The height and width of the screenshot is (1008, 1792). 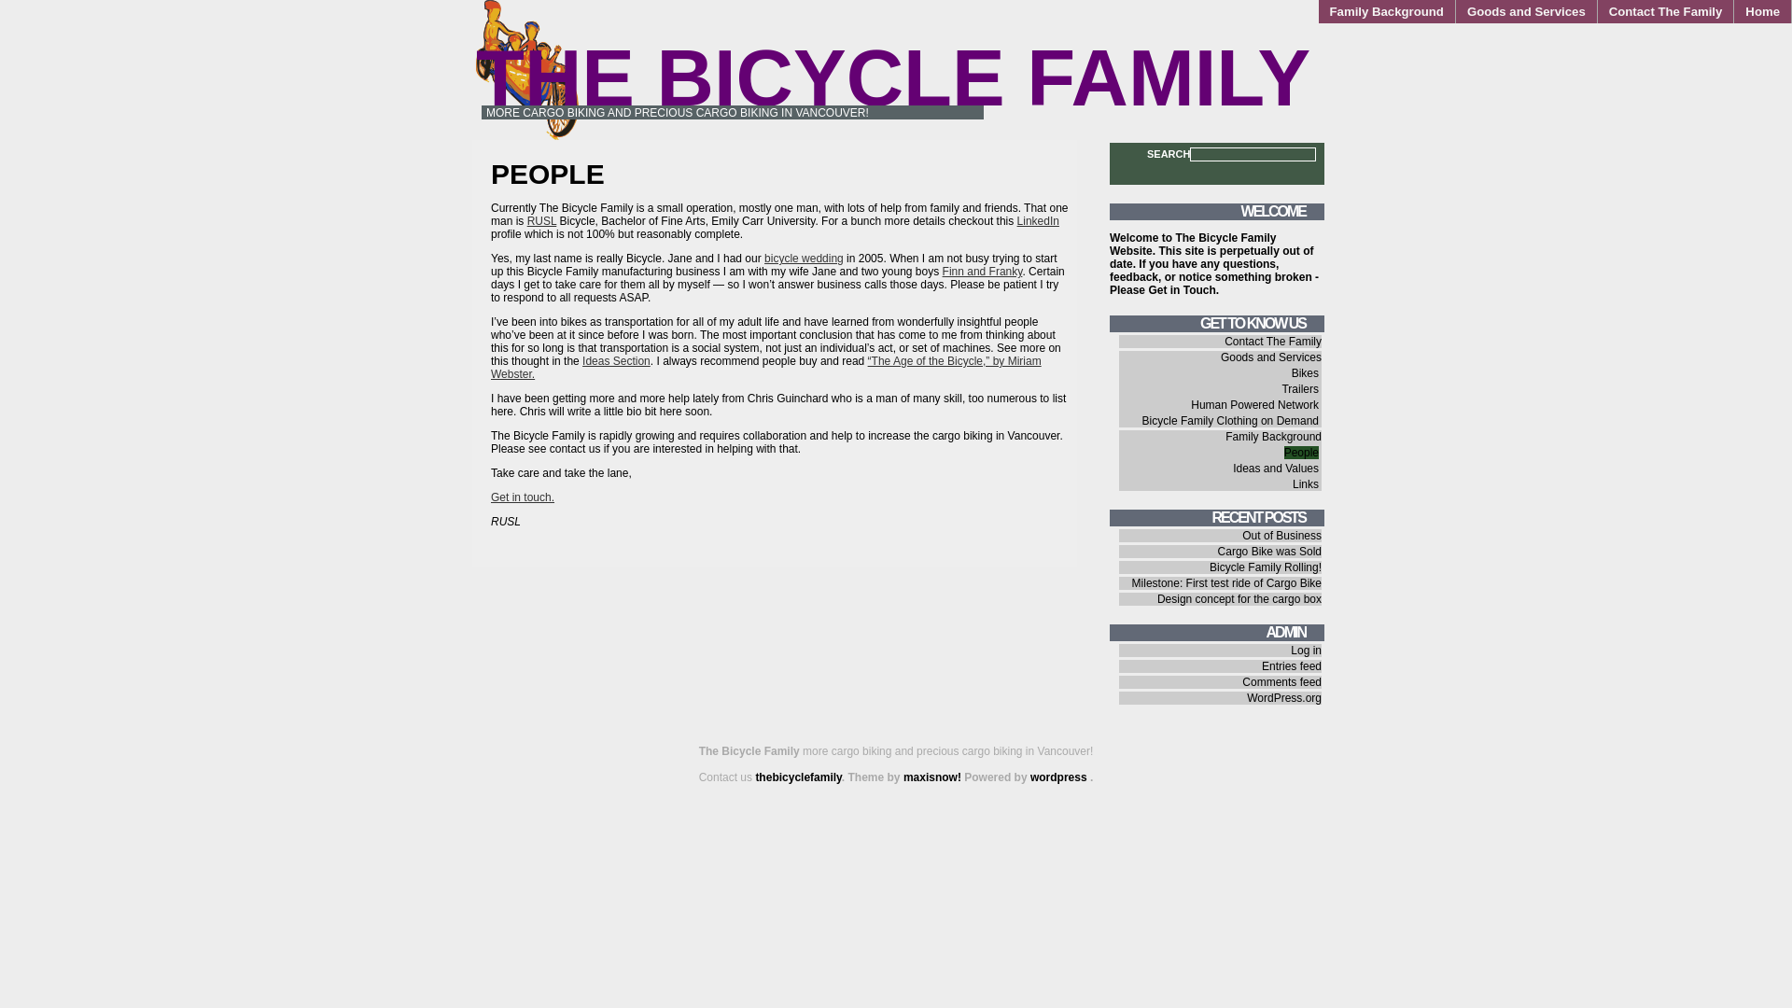 I want to click on 'Log in', so click(x=1305, y=650).